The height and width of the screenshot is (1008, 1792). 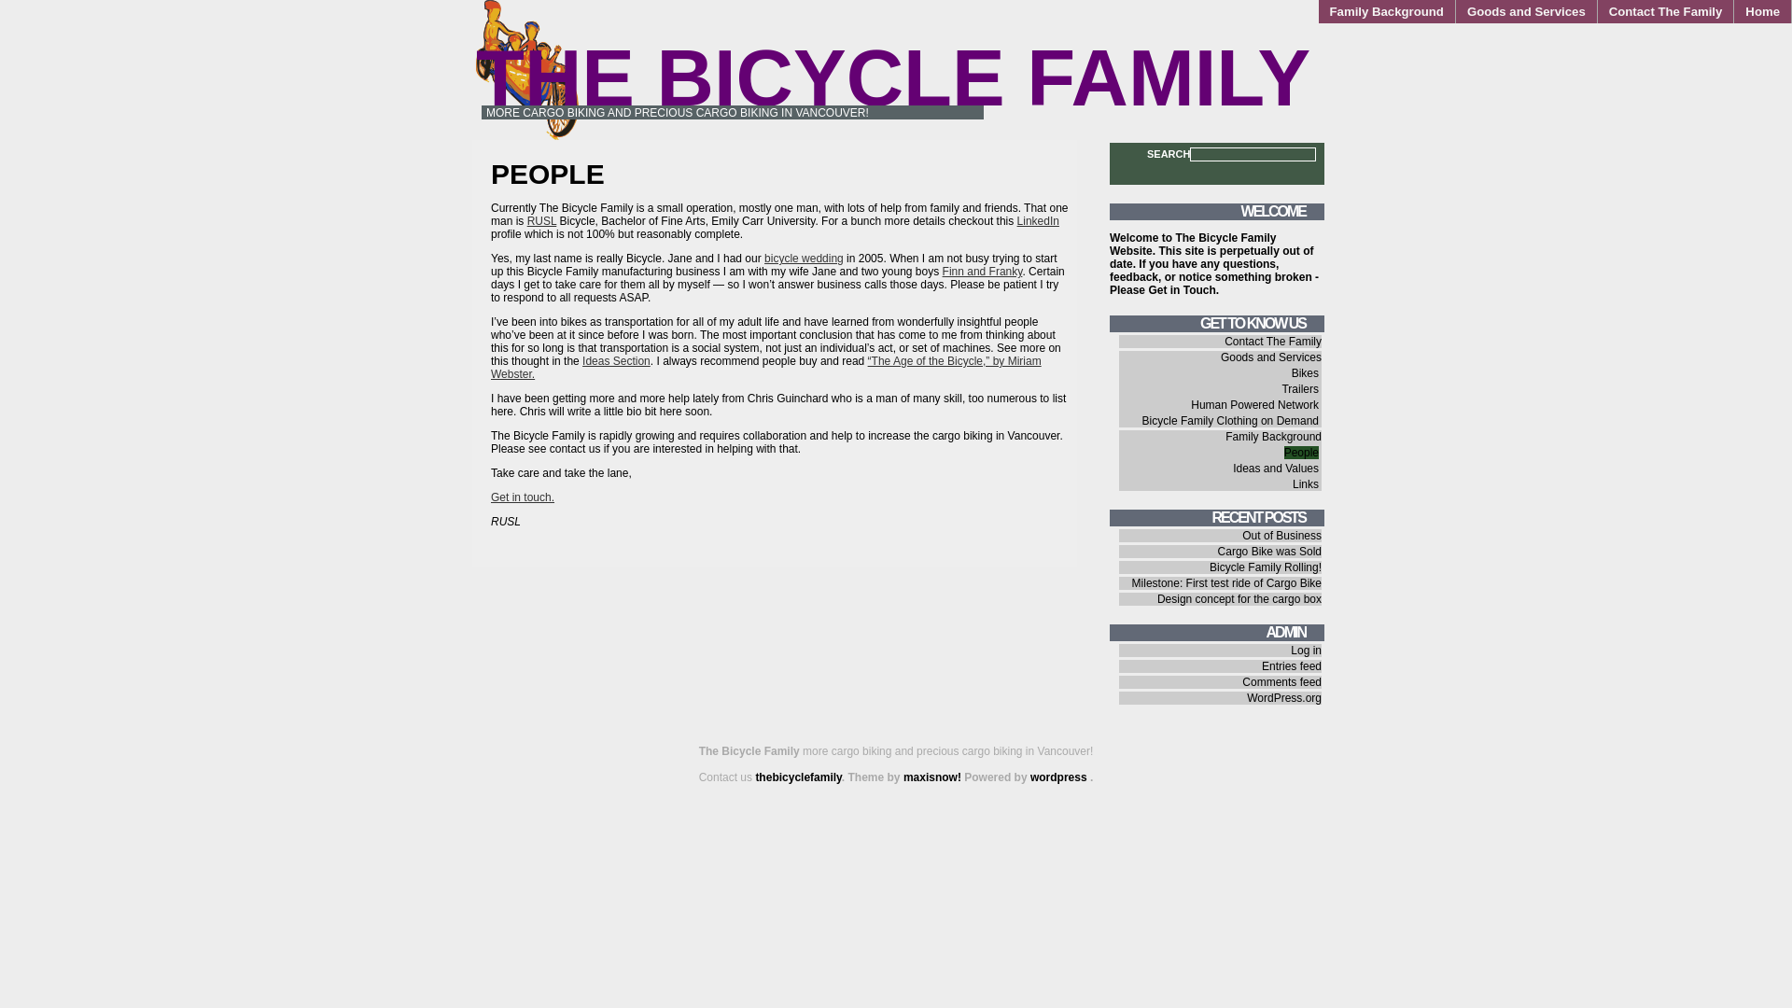 I want to click on 'Log in', so click(x=1305, y=650).